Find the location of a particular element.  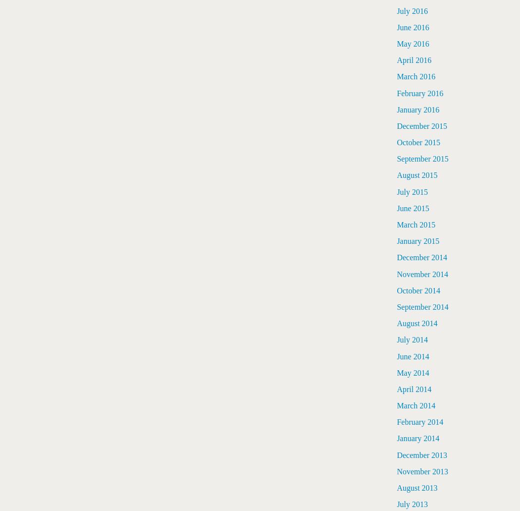

'January 2015' is located at coordinates (417, 241).